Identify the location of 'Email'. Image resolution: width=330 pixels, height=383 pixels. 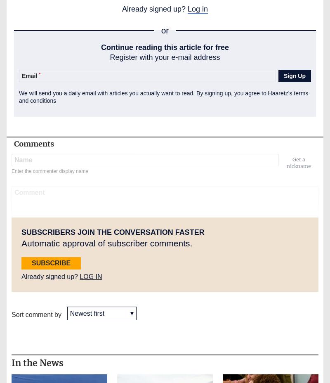
(21, 76).